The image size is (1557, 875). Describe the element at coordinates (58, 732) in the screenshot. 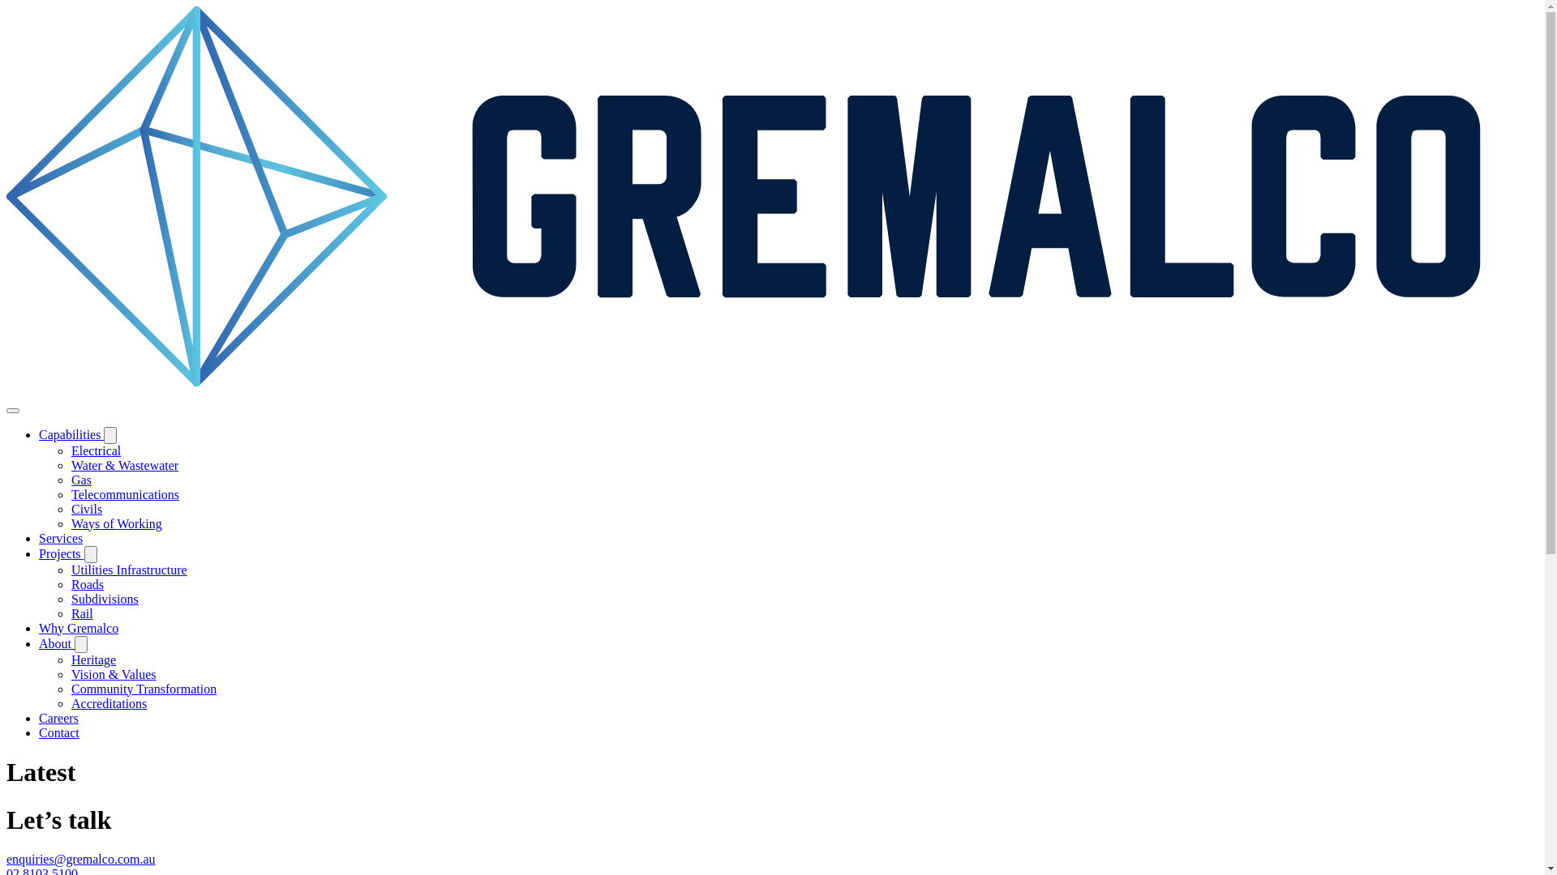

I see `'Contact'` at that location.